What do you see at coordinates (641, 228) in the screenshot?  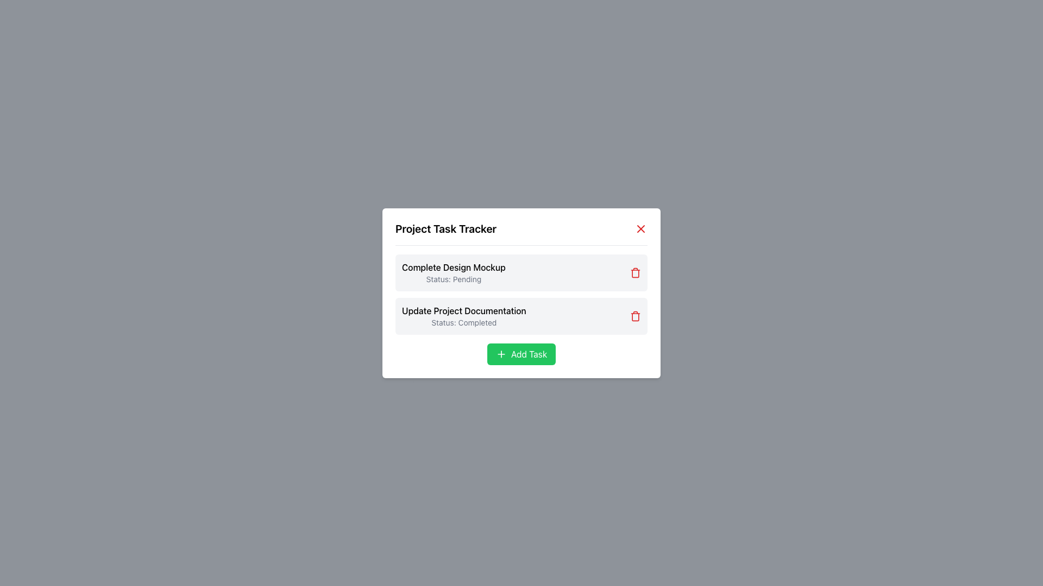 I see `the red 'X' icon button in the top-right corner of the 'Project Task Tracker' modal dialog` at bounding box center [641, 228].